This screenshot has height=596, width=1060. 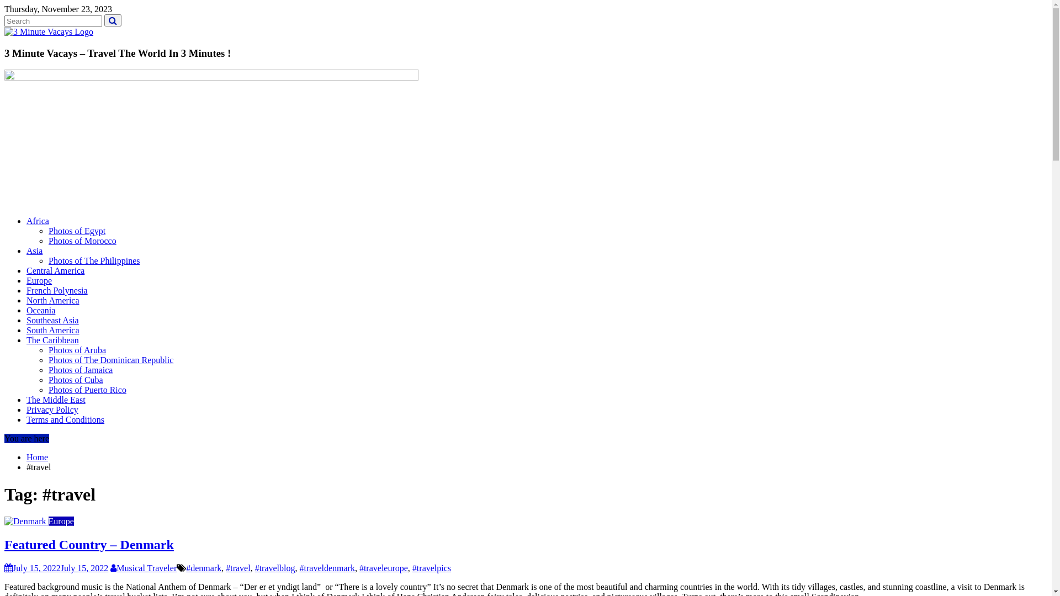 What do you see at coordinates (76, 230) in the screenshot?
I see `'Photos of Egypt'` at bounding box center [76, 230].